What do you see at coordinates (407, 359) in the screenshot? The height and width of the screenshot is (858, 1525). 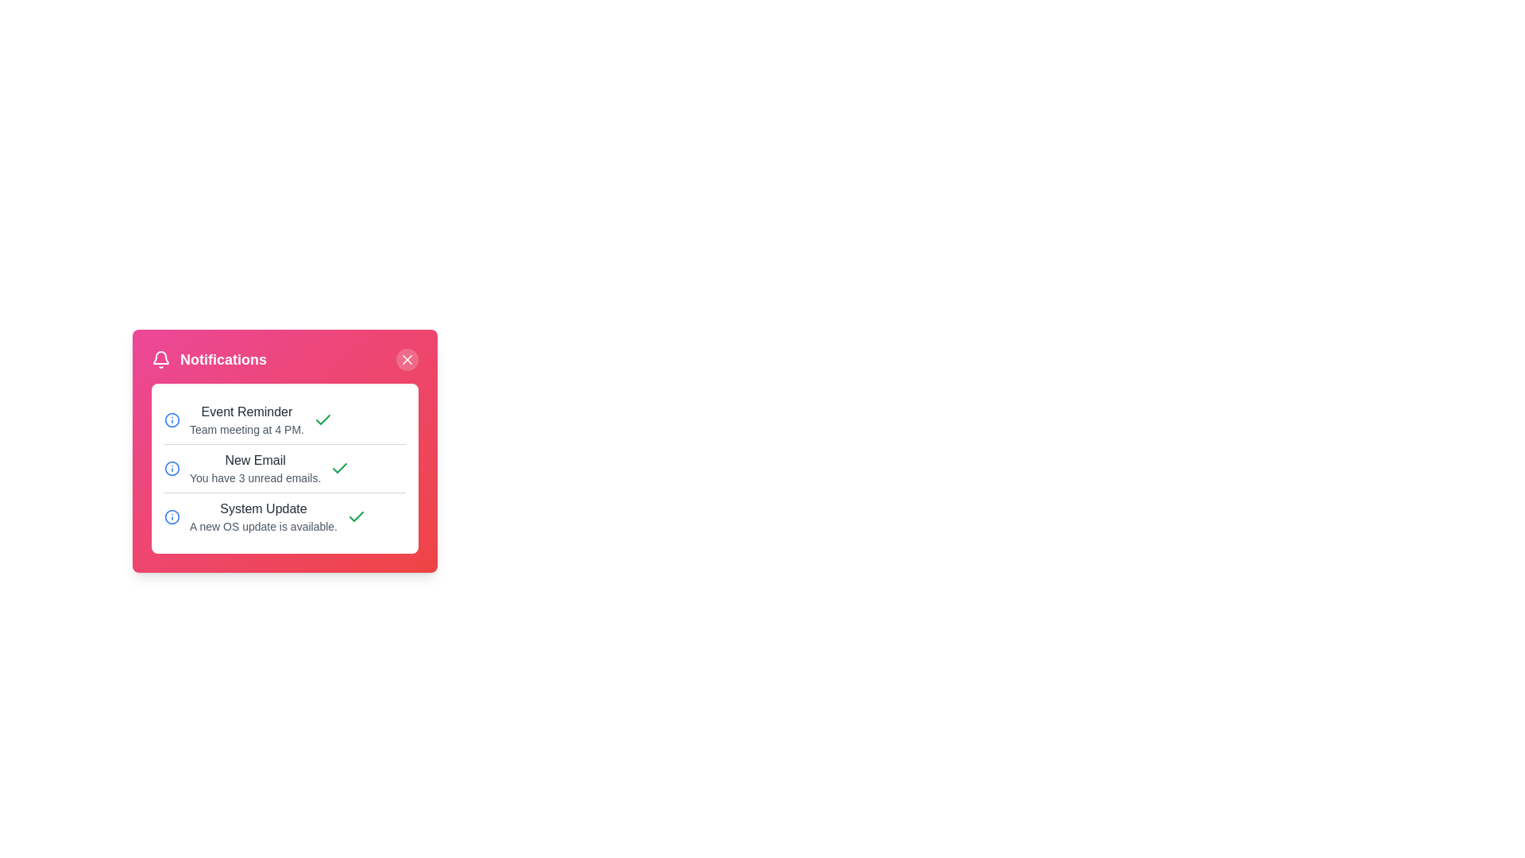 I see `the Close button located in the header row of the Notifications card` at bounding box center [407, 359].